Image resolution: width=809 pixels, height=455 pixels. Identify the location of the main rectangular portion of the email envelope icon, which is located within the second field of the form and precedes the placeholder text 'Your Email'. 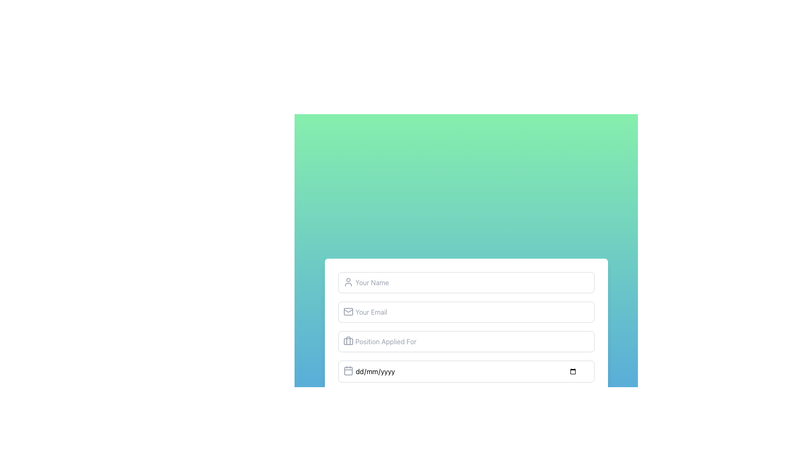
(348, 312).